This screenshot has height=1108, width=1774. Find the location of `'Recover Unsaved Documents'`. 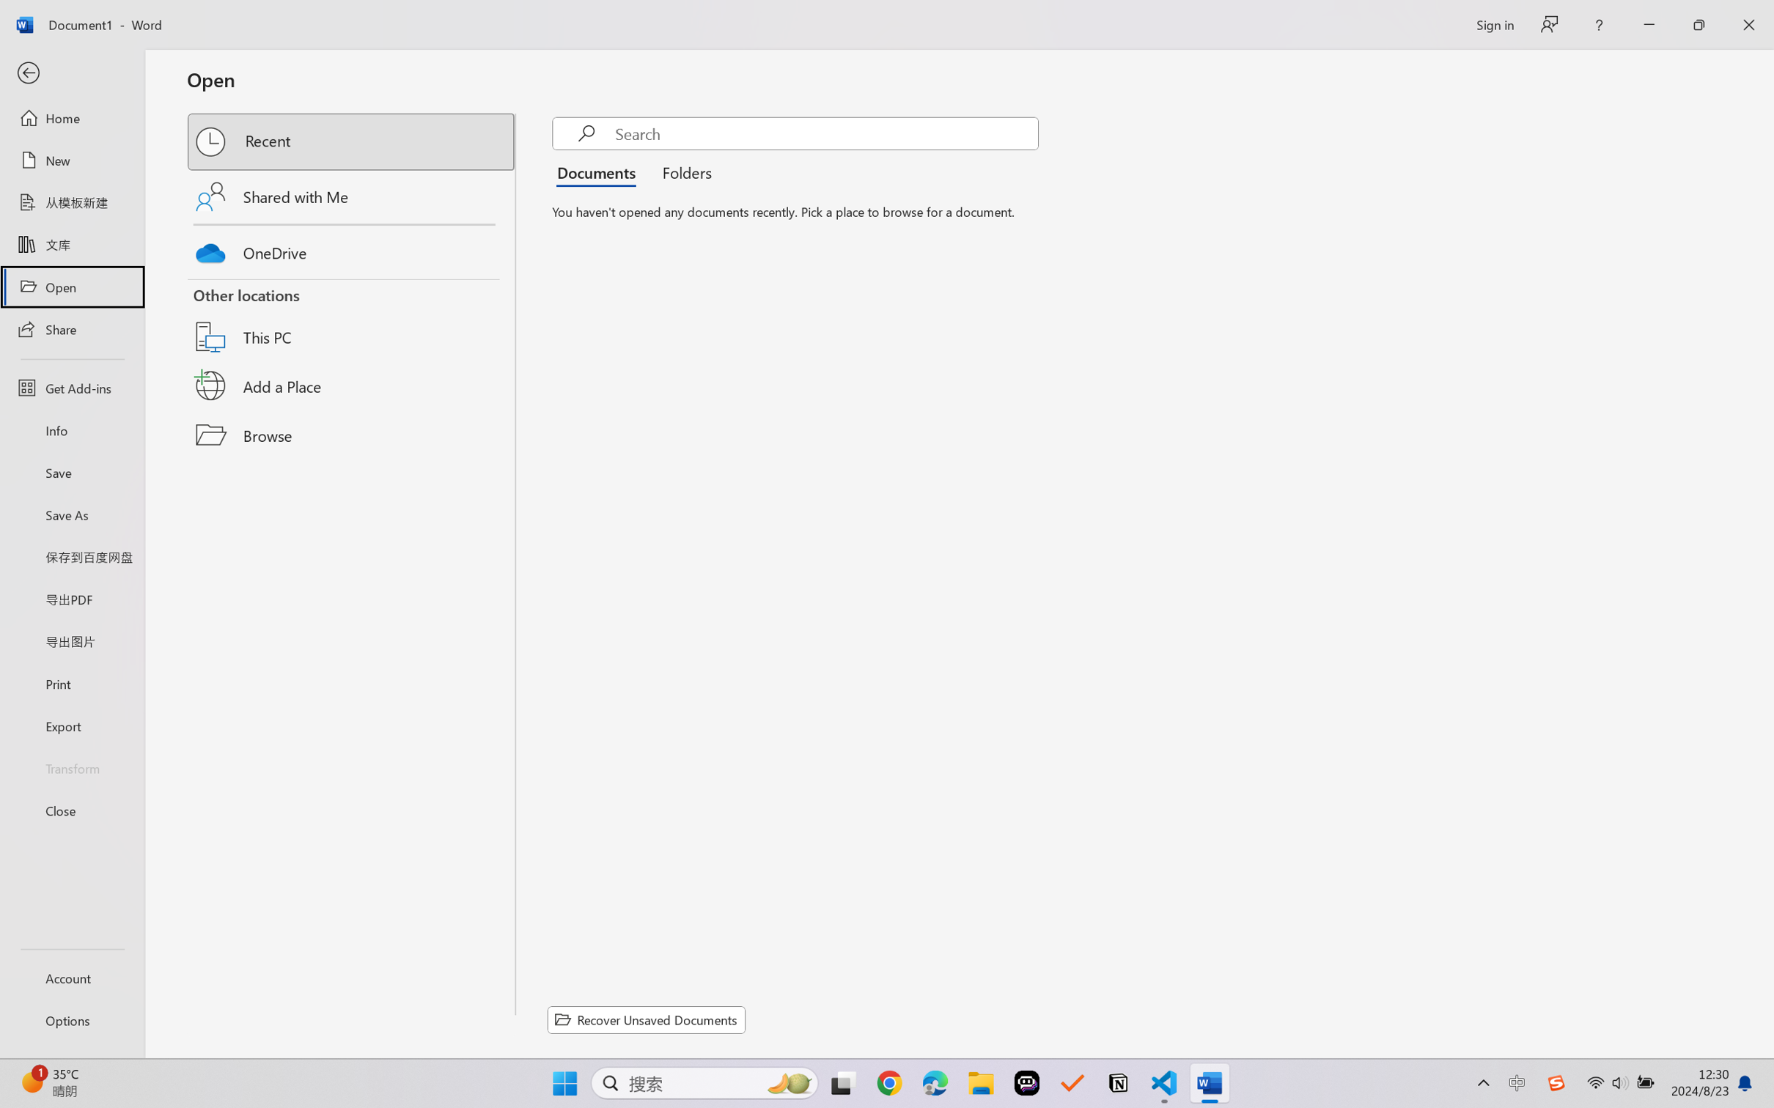

'Recover Unsaved Documents' is located at coordinates (647, 1019).